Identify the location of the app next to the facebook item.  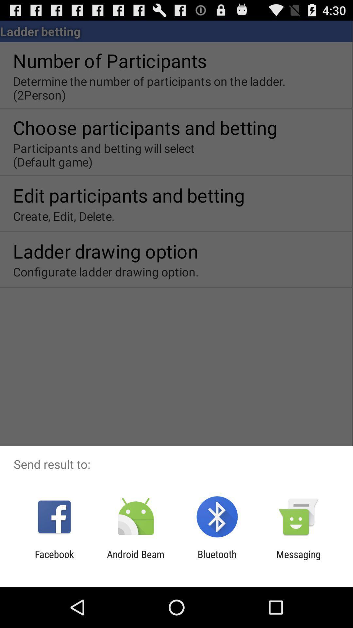
(135, 560).